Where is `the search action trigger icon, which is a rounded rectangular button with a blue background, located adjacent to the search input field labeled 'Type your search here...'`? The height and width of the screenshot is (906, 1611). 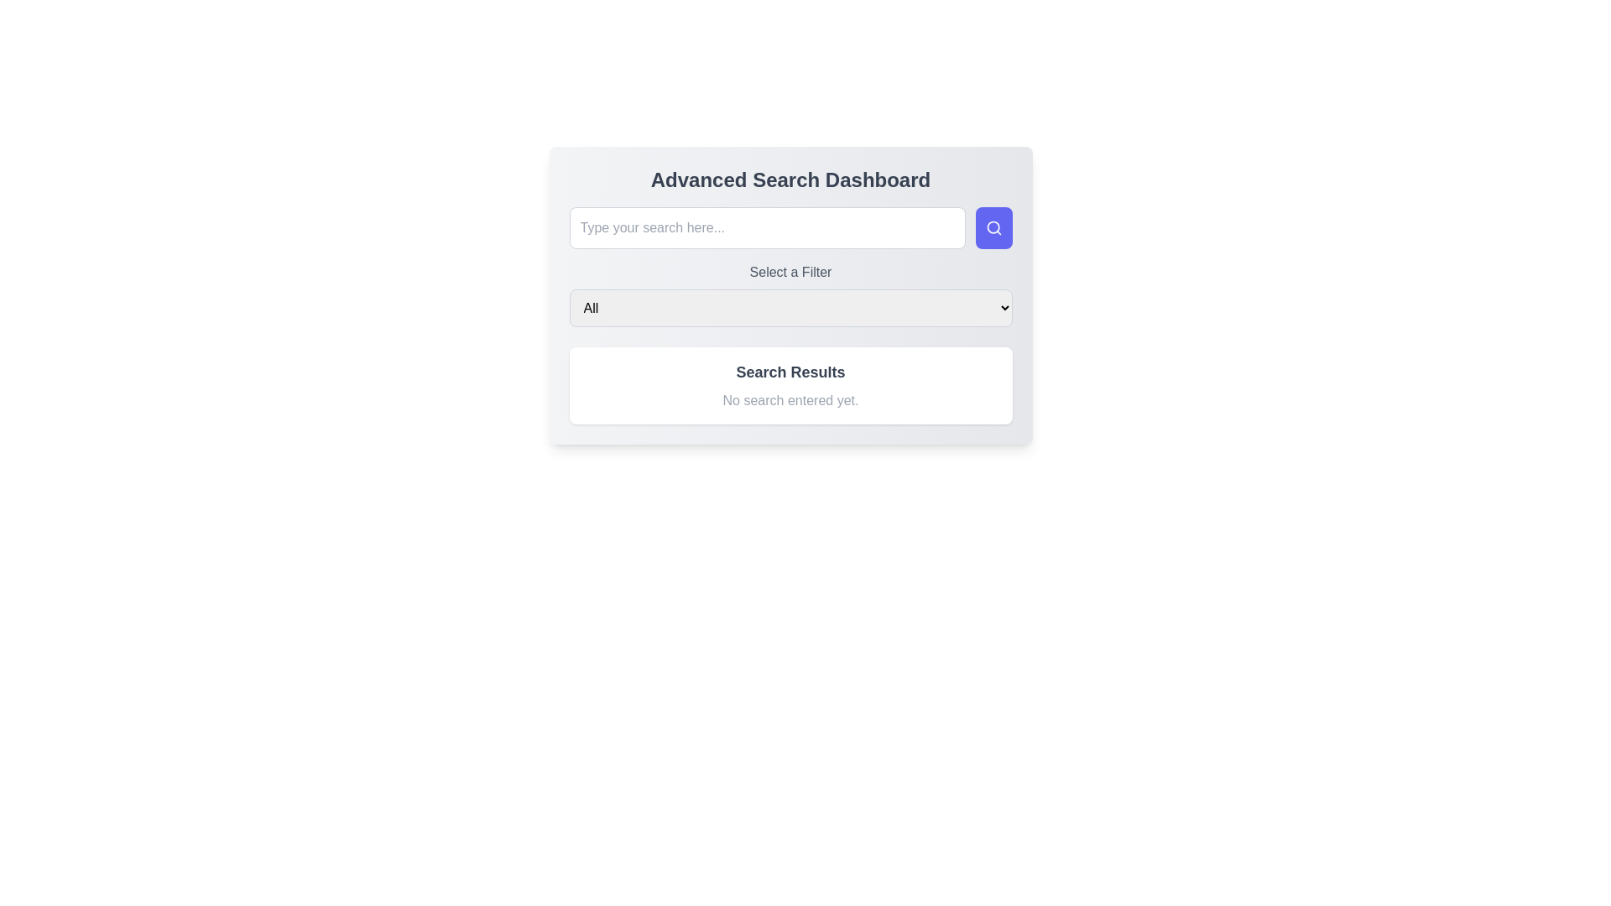
the search action trigger icon, which is a rounded rectangular button with a blue background, located adjacent to the search input field labeled 'Type your search here...' is located at coordinates (993, 228).